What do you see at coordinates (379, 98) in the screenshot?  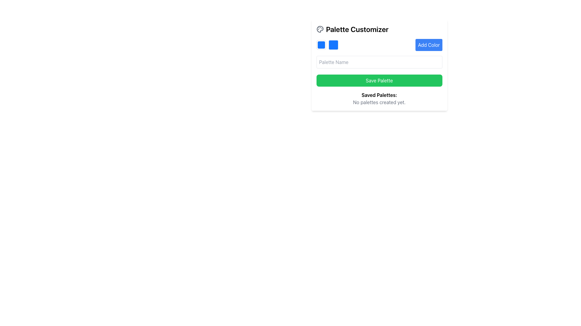 I see `the text element that reads 'Saved Palettes:' and 'No palettes created yet.' at the bottom of the 'Palette Customizer' card` at bounding box center [379, 98].